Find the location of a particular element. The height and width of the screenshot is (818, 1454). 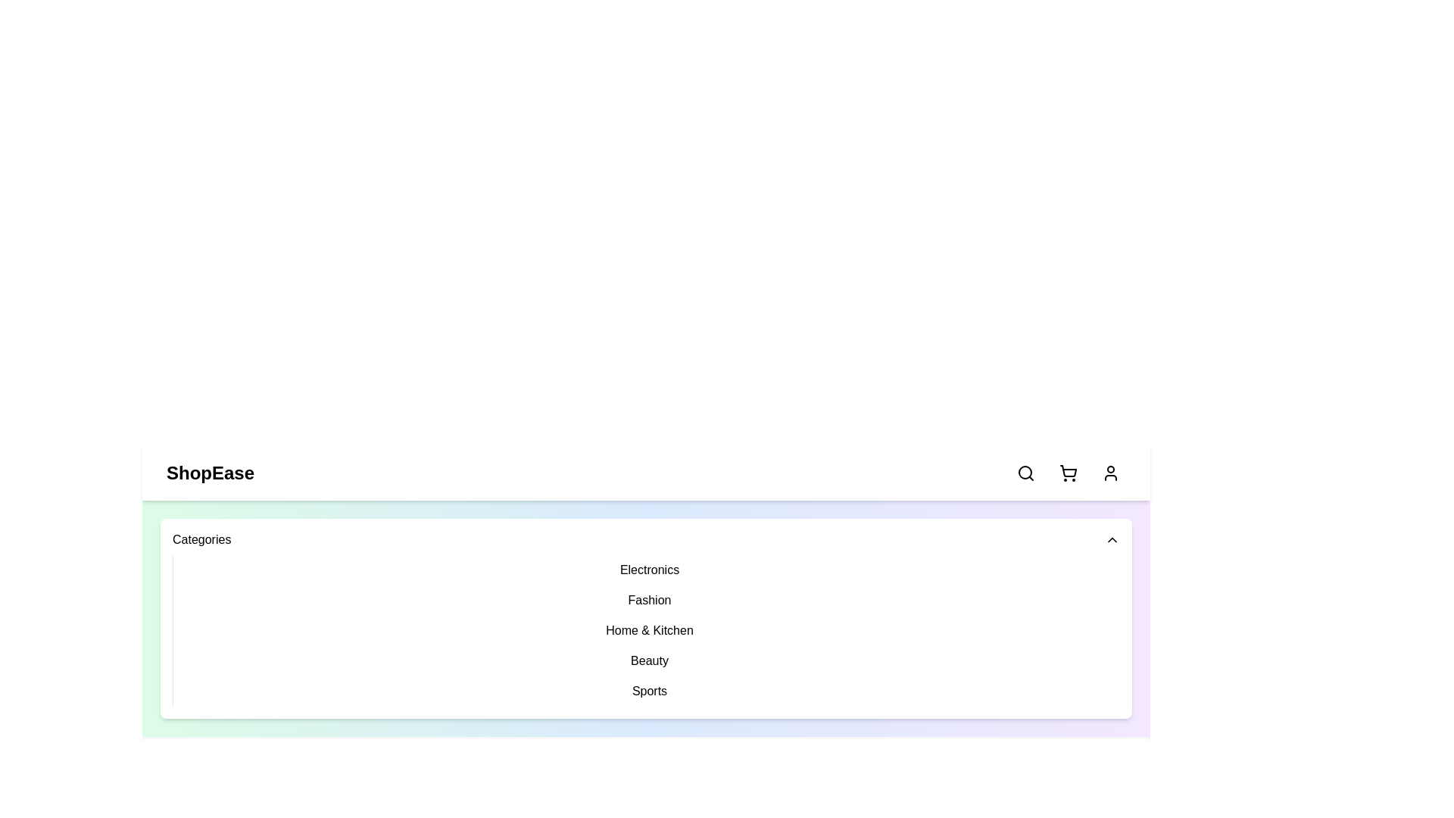

the shopping cart icon in the top navigation bar is located at coordinates (1068, 472).